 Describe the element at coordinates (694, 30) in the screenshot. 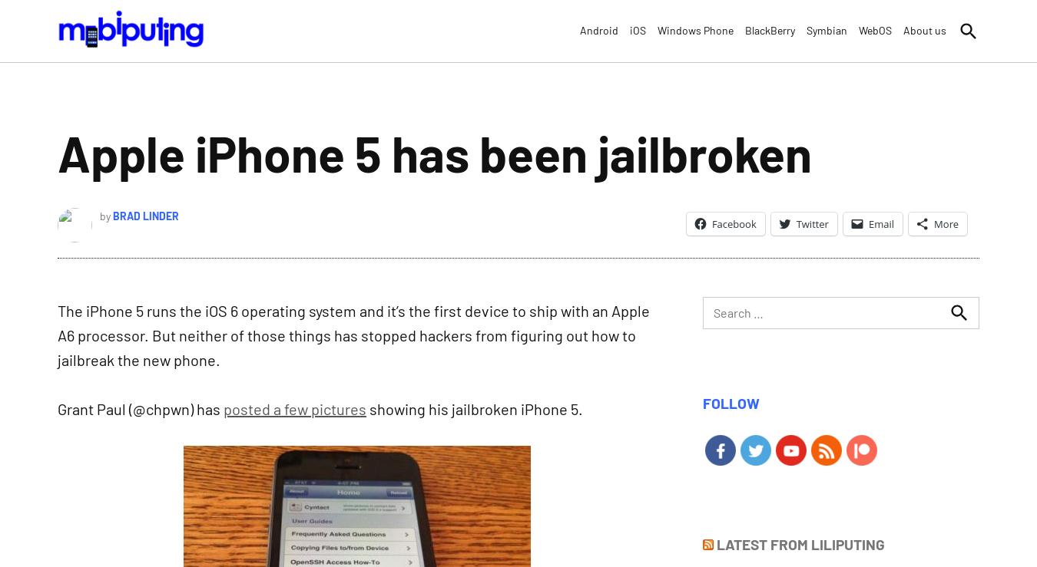

I see `'Windows Phone'` at that location.